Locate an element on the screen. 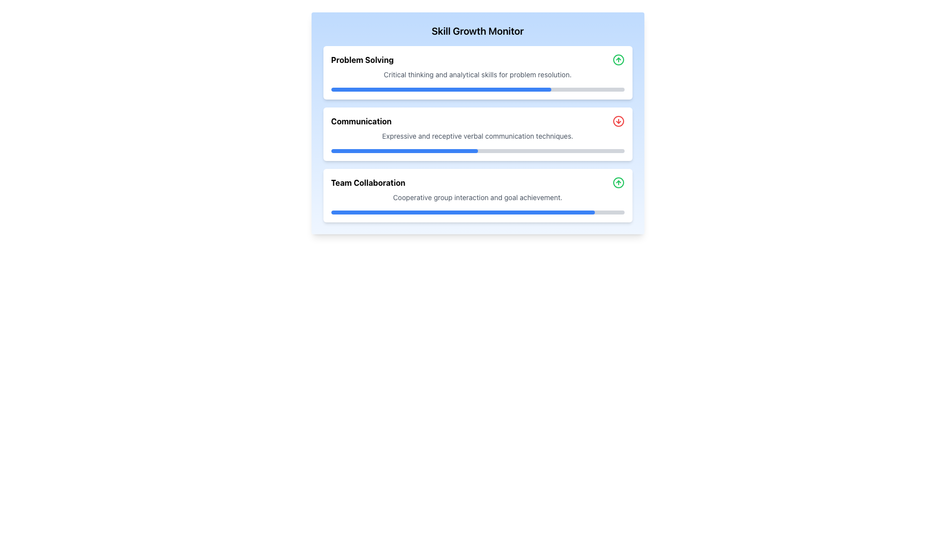 Image resolution: width=951 pixels, height=535 pixels. the red circular icon with a downward arrow located next to the 'Communication' section in the Skill Growth Monitor interface is located at coordinates (618, 121).